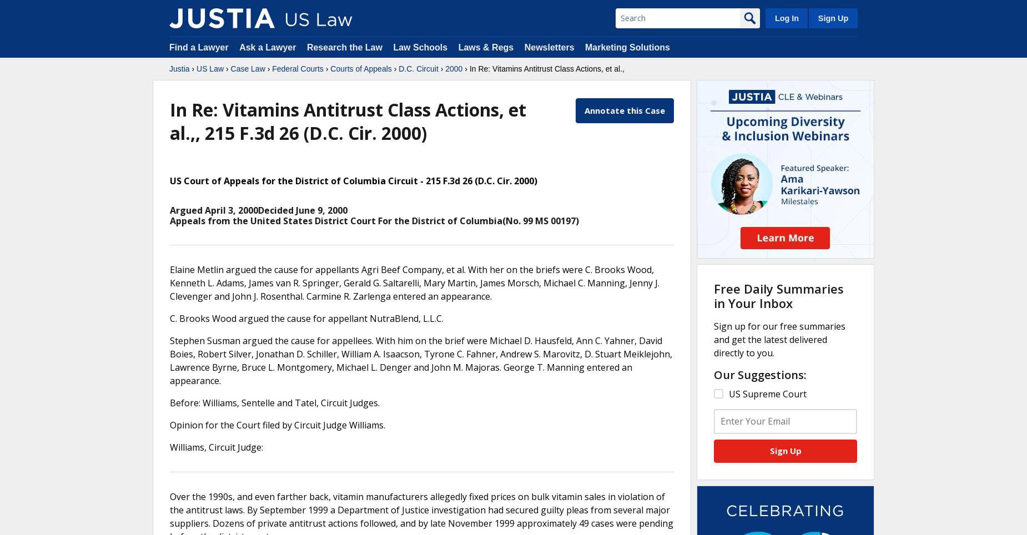  What do you see at coordinates (169, 47) in the screenshot?
I see `'Find a Lawyer'` at bounding box center [169, 47].